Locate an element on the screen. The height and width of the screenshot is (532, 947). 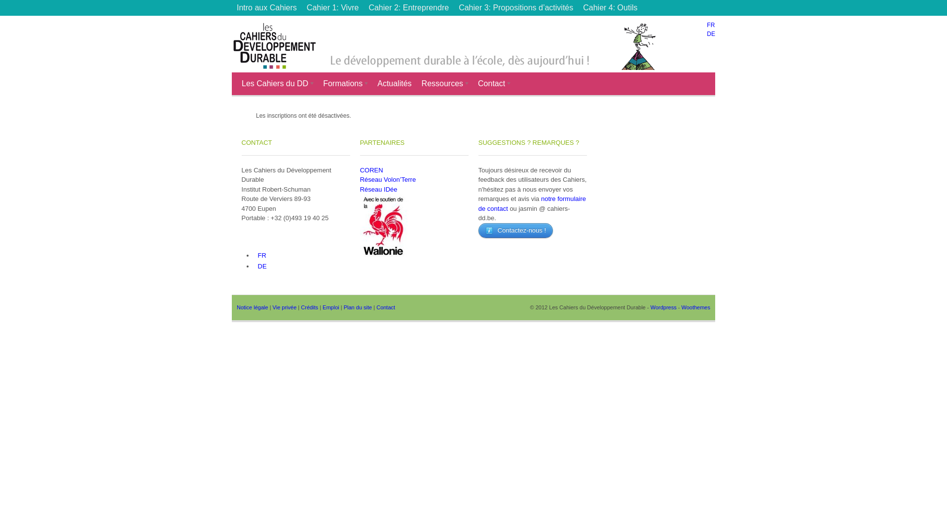
'FR' is located at coordinates (260, 254).